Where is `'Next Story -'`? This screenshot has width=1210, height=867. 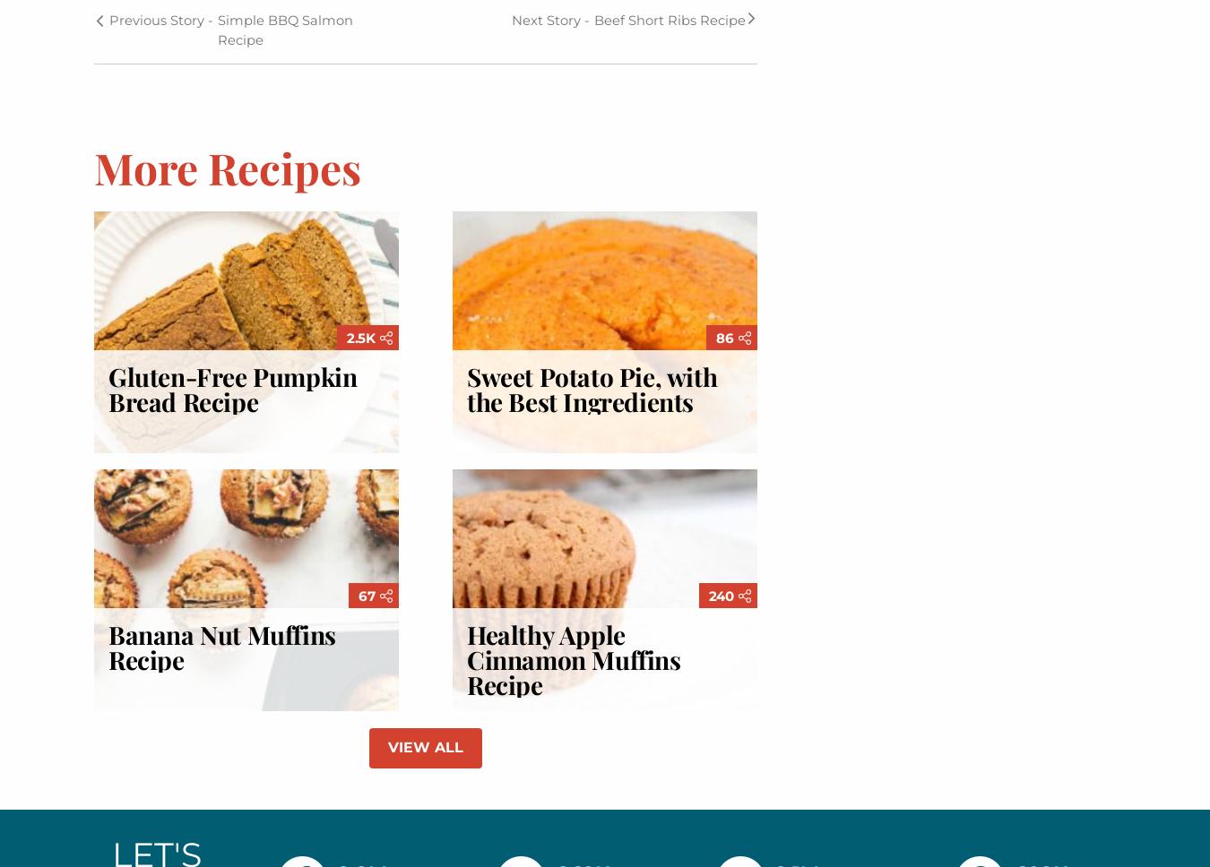 'Next Story -' is located at coordinates (550, 19).